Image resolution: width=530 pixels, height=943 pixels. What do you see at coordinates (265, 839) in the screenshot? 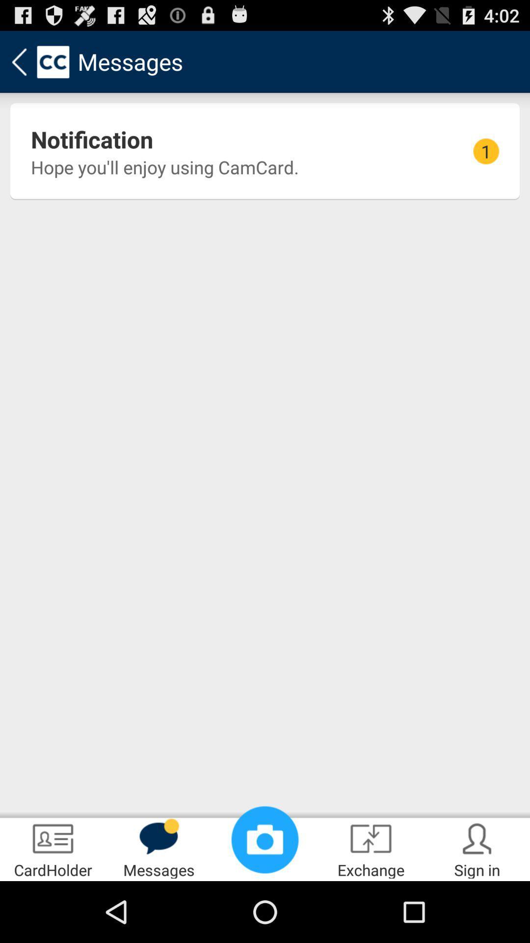
I see `item at the bottom` at bounding box center [265, 839].